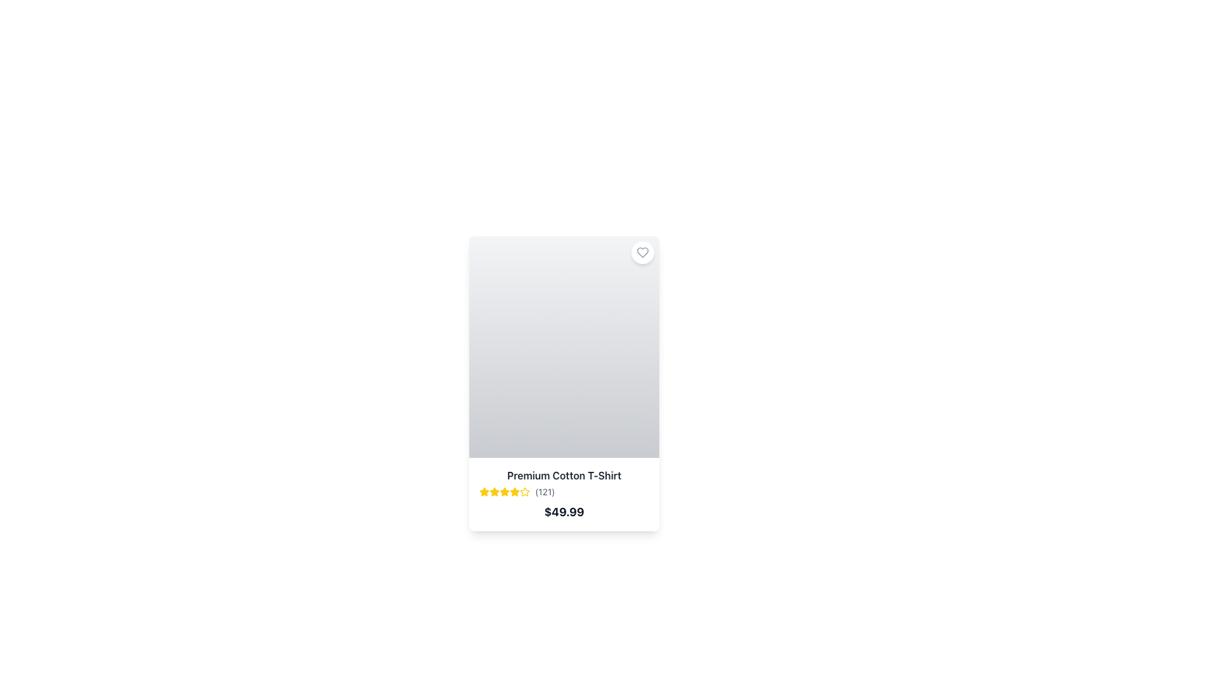 This screenshot has width=1216, height=684. Describe the element at coordinates (503, 491) in the screenshot. I see `the fourth star icon in the rating system located below the 'Premium Cotton T-Shirt' title to interact with the rating system` at that location.